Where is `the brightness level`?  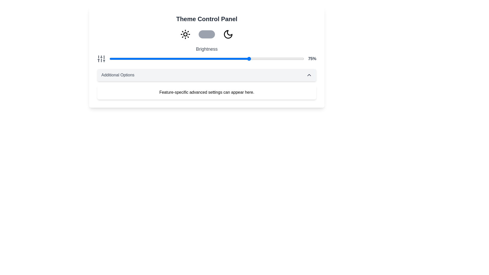
the brightness level is located at coordinates (194, 59).